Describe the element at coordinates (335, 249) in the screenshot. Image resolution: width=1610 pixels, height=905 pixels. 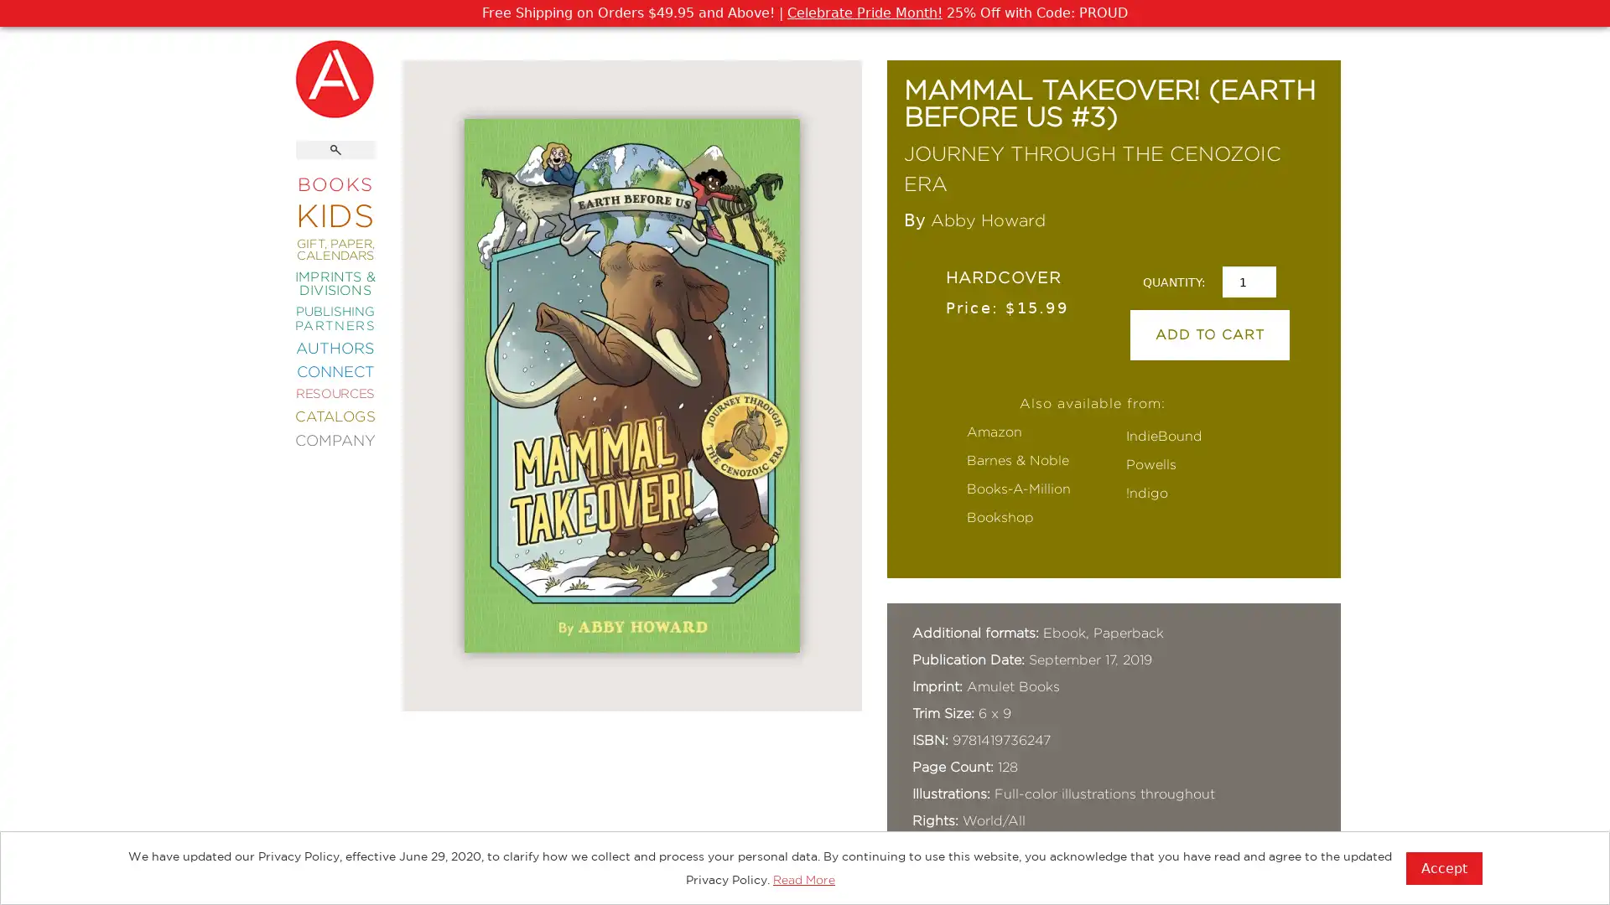
I see `GIFT, PAPER, CALENDARS` at that location.